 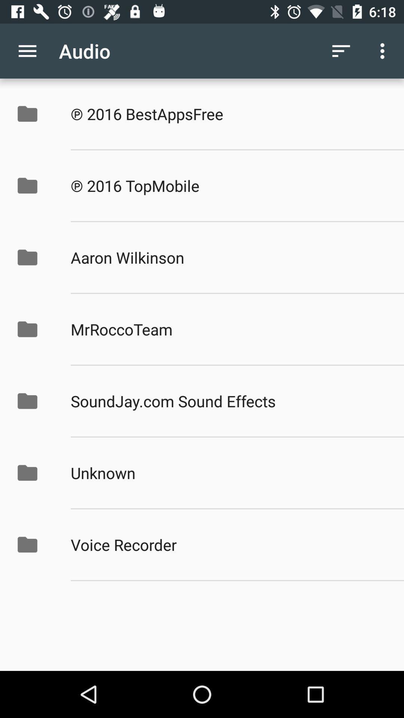 I want to click on item below unknown app, so click(x=229, y=544).